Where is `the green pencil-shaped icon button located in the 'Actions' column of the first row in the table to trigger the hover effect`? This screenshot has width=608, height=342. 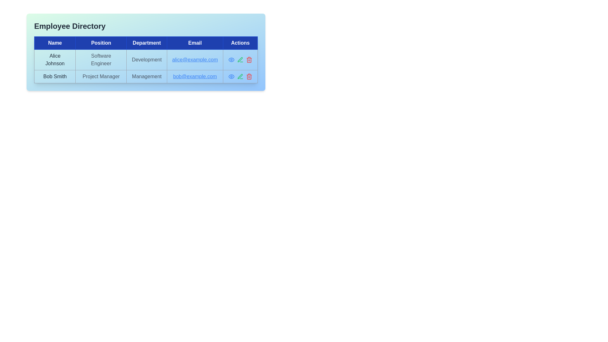 the green pencil-shaped icon button located in the 'Actions' column of the first row in the table to trigger the hover effect is located at coordinates (240, 60).